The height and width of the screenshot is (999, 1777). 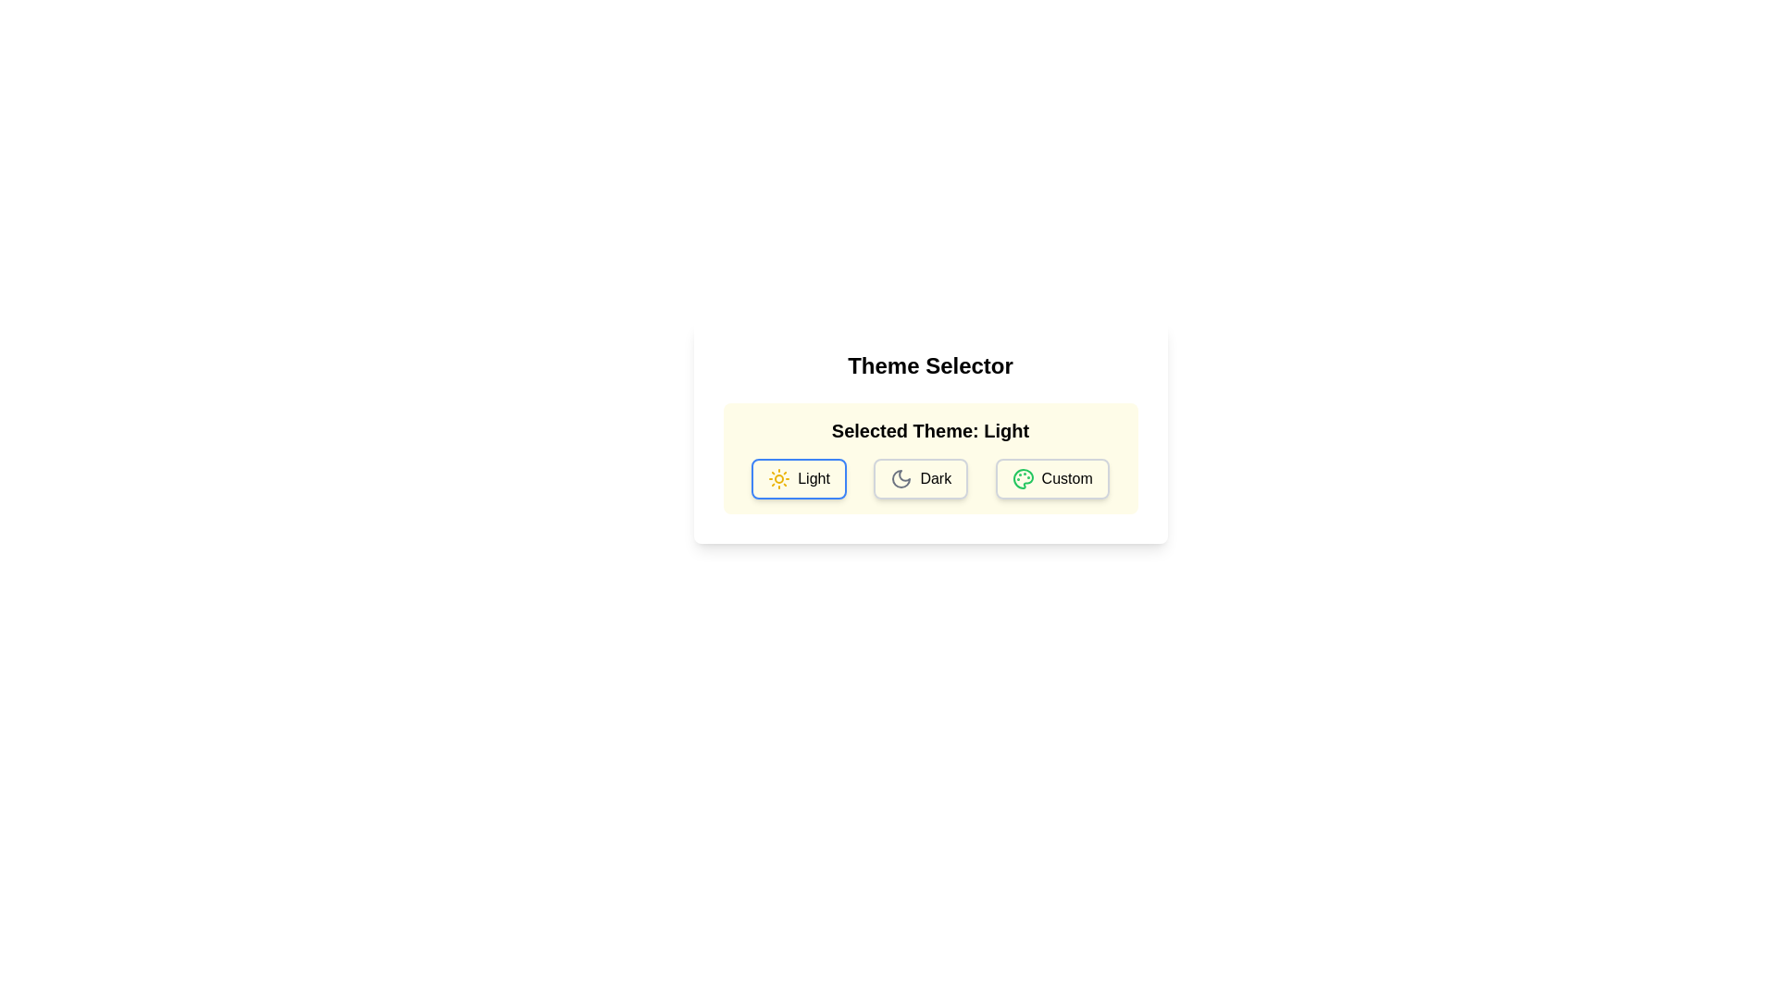 What do you see at coordinates (1022, 477) in the screenshot?
I see `the decorative SVG icon representing the 'Custom' theme option within the 'Custom' button in the theme selection section` at bounding box center [1022, 477].